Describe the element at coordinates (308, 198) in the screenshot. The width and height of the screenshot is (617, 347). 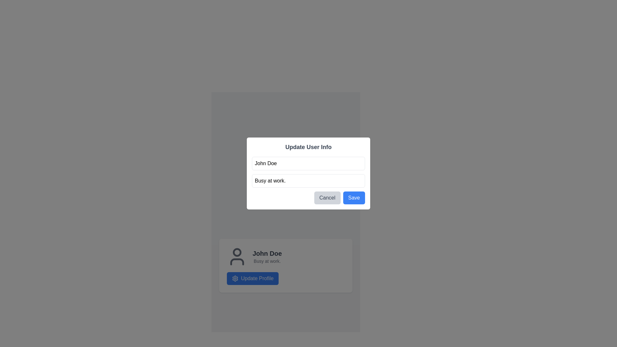
I see `the 'Cancel' button in the button group located at the lower right section of the 'Update User Info' modal to discard changes` at that location.